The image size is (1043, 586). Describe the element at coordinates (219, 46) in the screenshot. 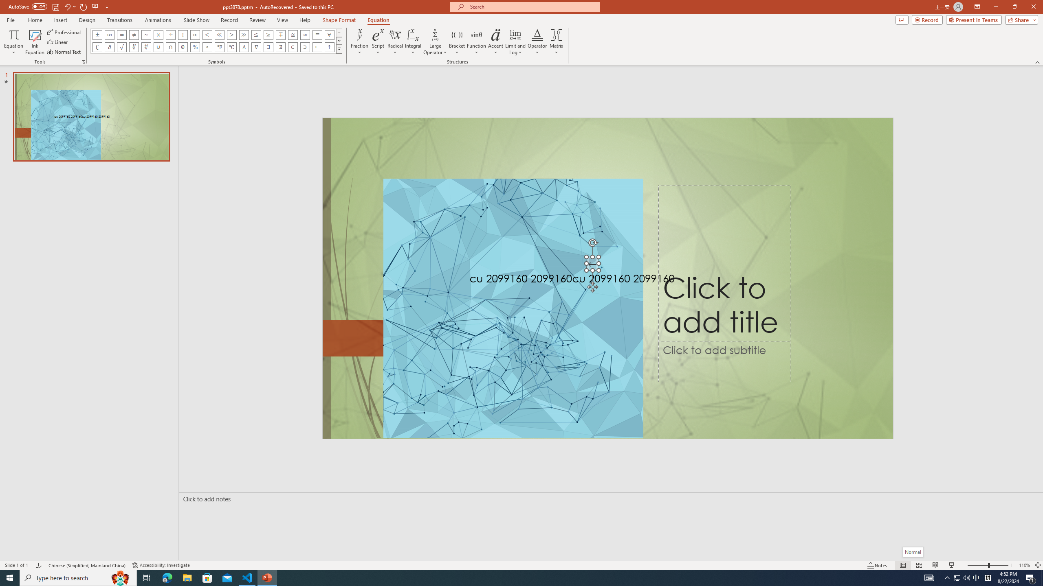

I see `'Equation Symbol Degrees Fahrenheit'` at that location.